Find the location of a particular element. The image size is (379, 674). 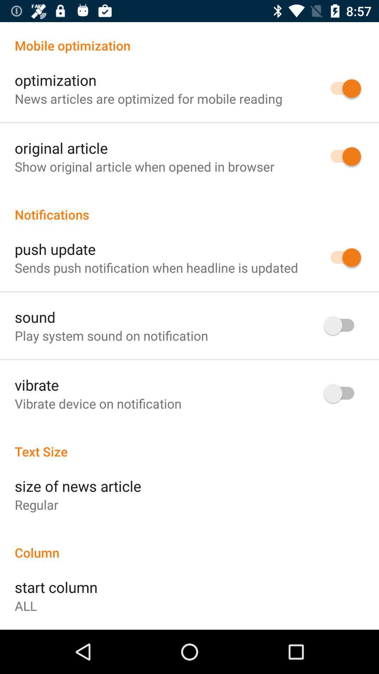

sends push notification icon is located at coordinates (156, 267).